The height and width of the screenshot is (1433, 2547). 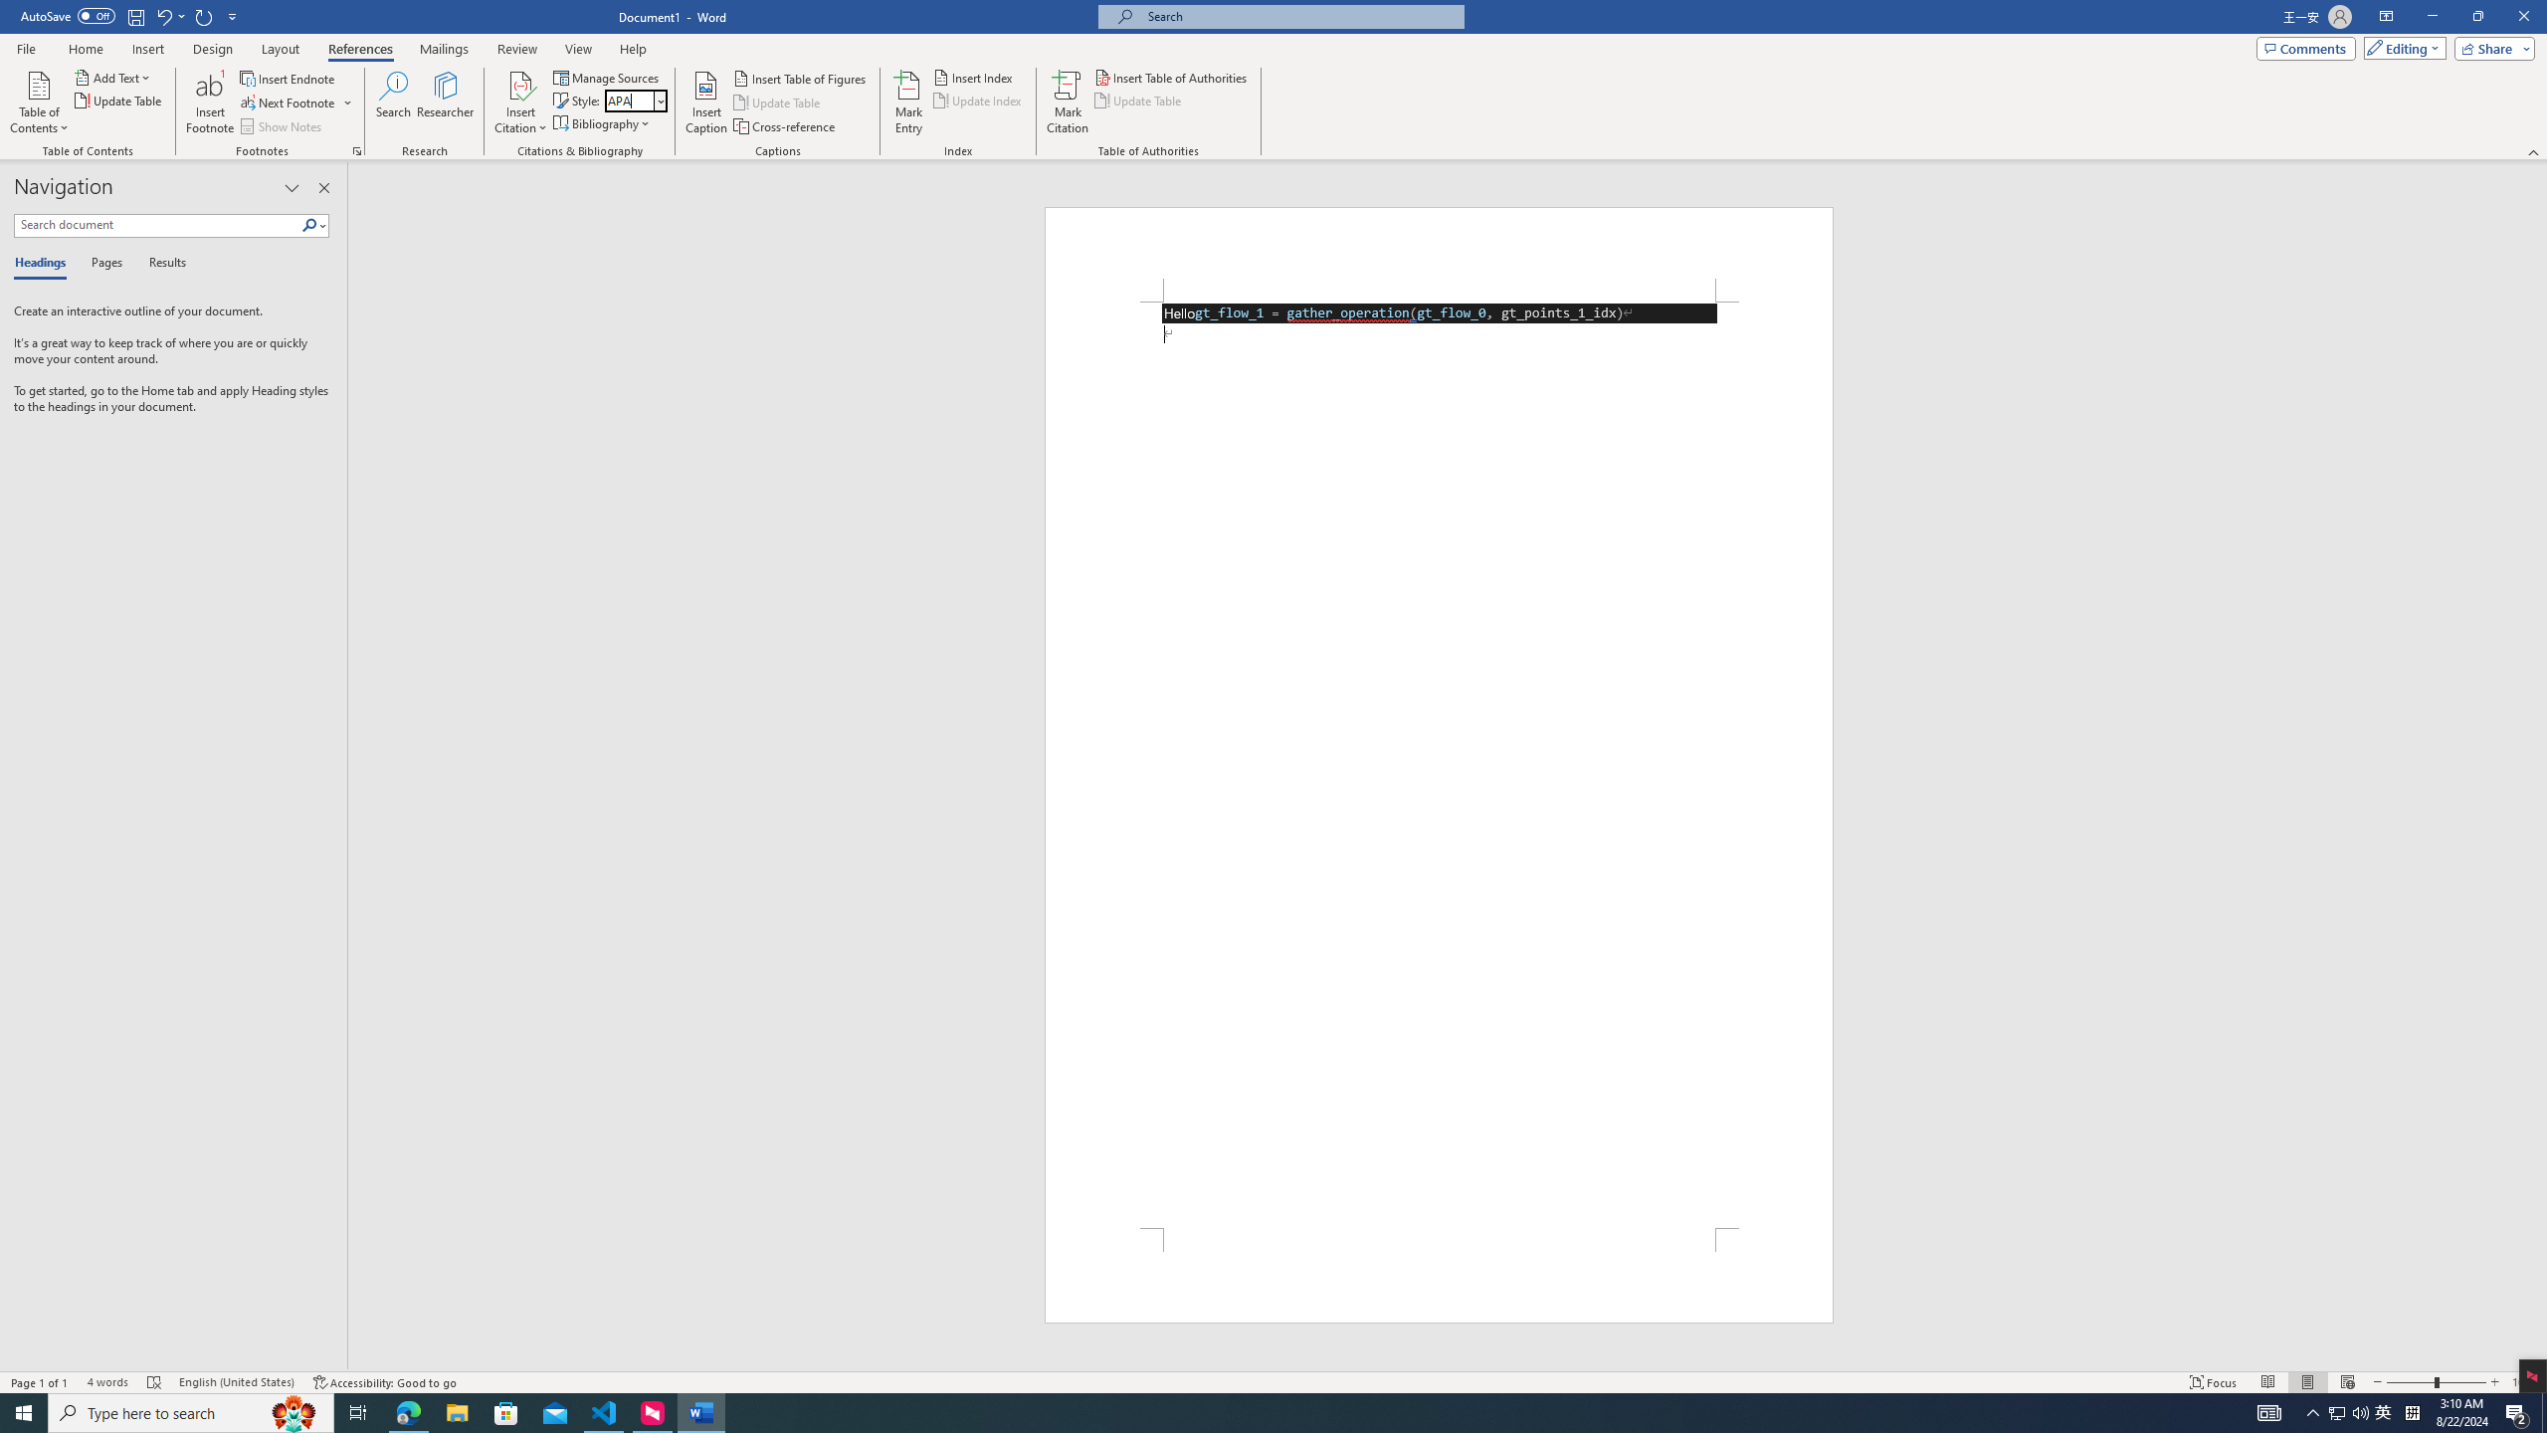 What do you see at coordinates (102, 263) in the screenshot?
I see `'Pages'` at bounding box center [102, 263].